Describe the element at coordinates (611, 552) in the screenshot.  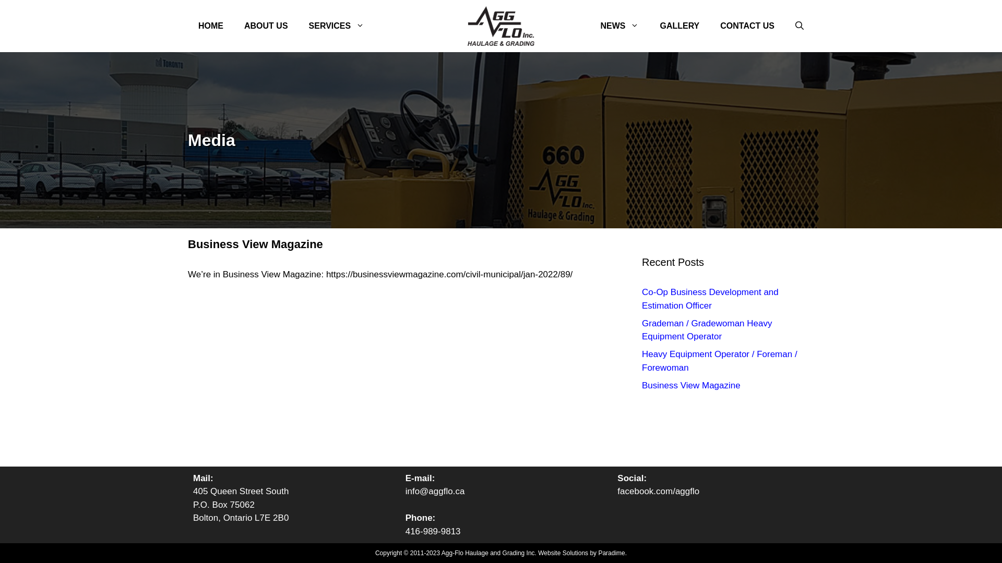
I see `'Paradime'` at that location.